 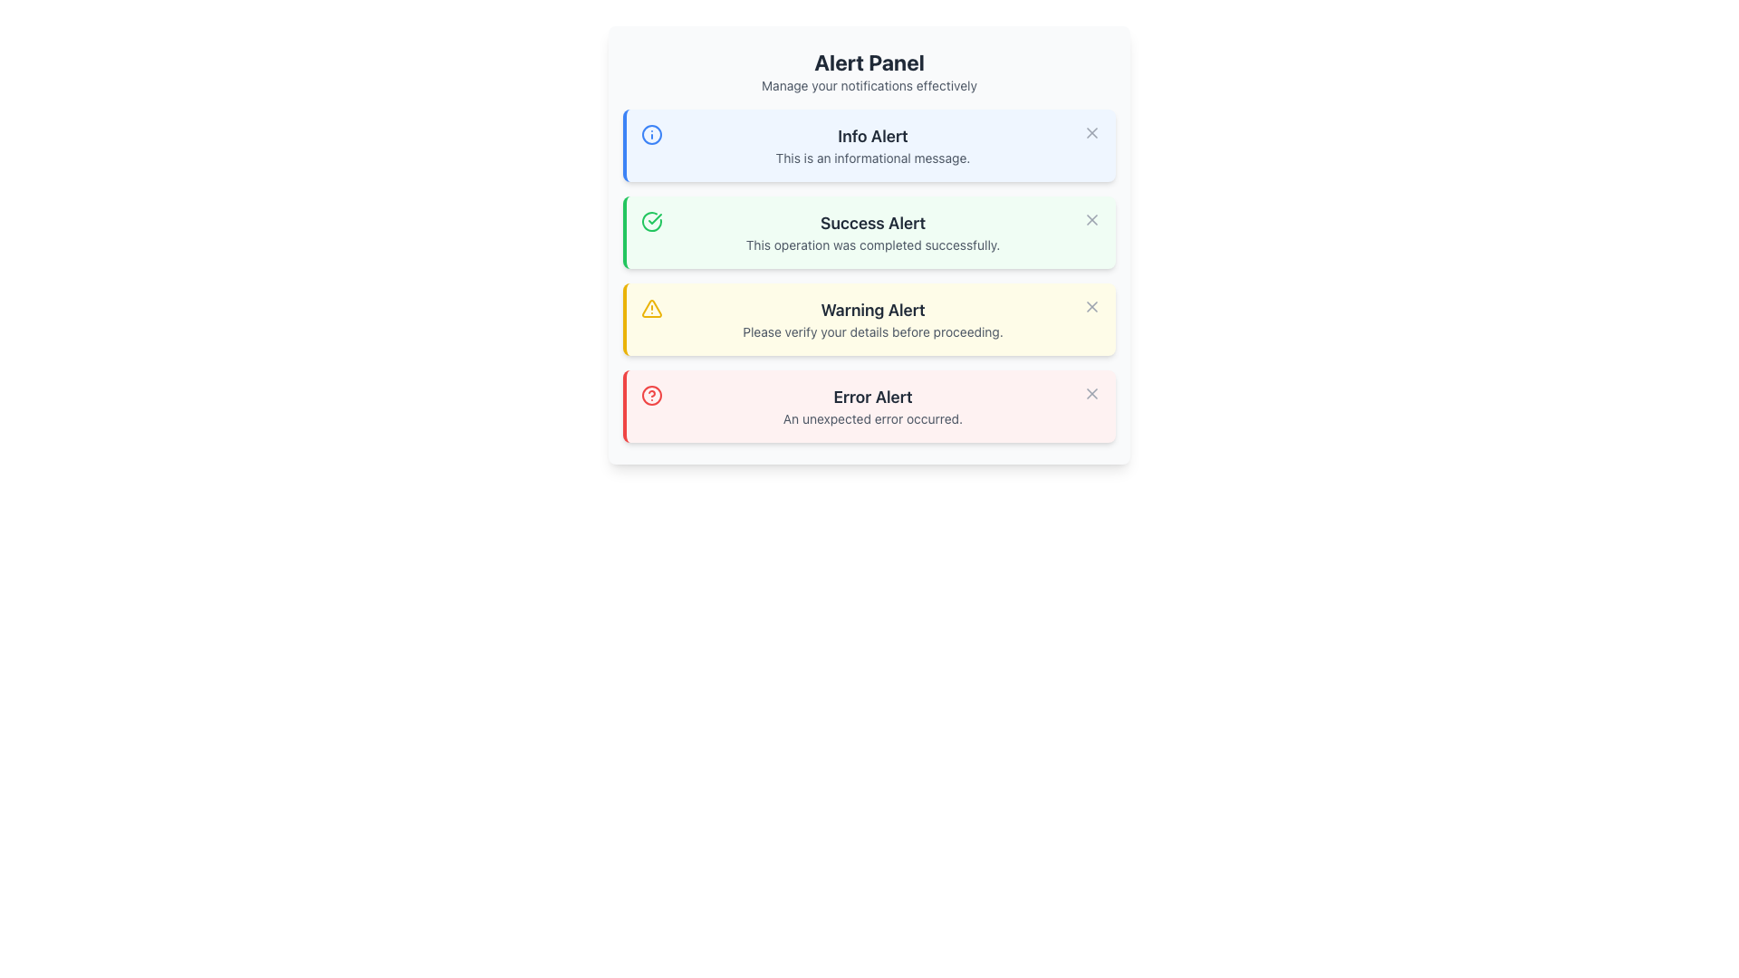 What do you see at coordinates (873, 397) in the screenshot?
I see `the title text of the fourth alert box that indicates an error, which is positioned above the description text 'An unexpected error occurred.'` at bounding box center [873, 397].